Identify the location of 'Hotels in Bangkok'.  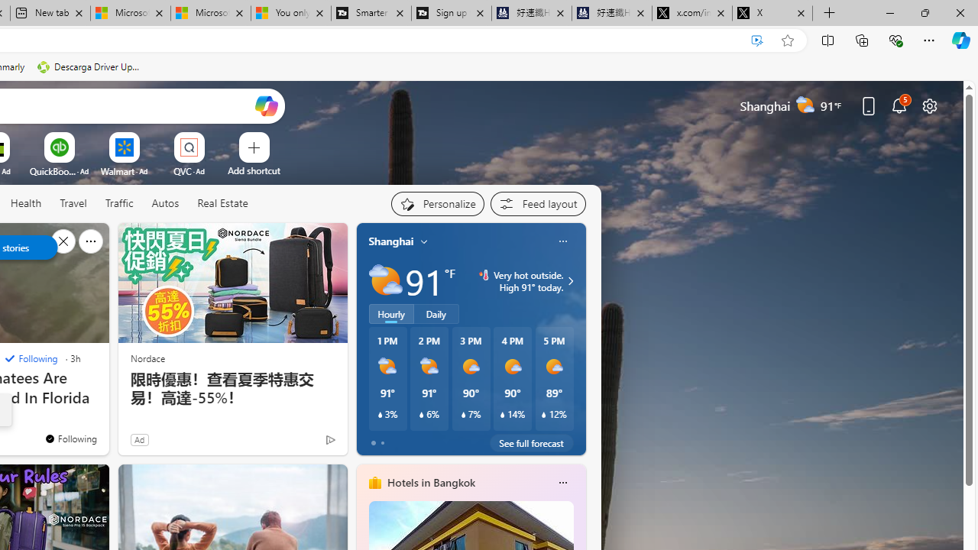
(429, 482).